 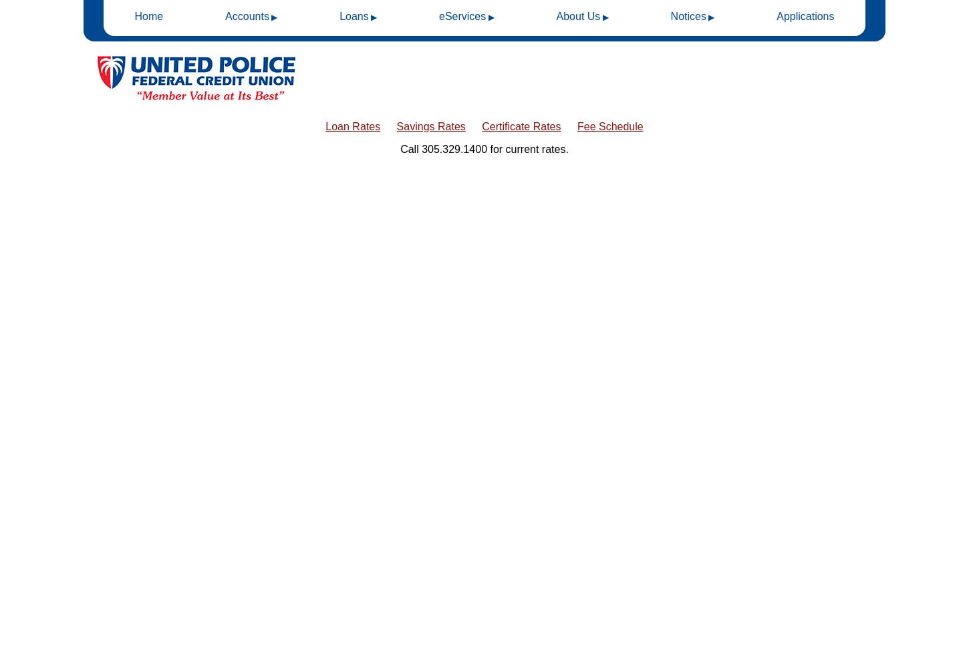 What do you see at coordinates (148, 16) in the screenshot?
I see `'Home'` at bounding box center [148, 16].